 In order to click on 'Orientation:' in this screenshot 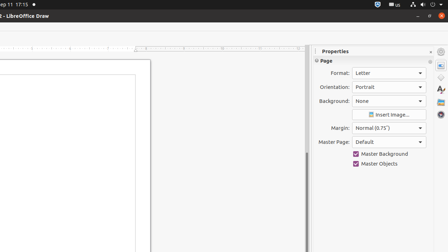, I will do `click(388, 86)`.